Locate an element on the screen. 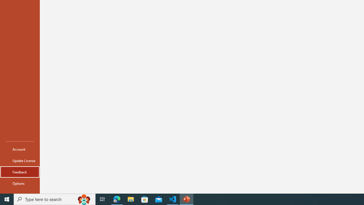  'Account' is located at coordinates (20, 149).